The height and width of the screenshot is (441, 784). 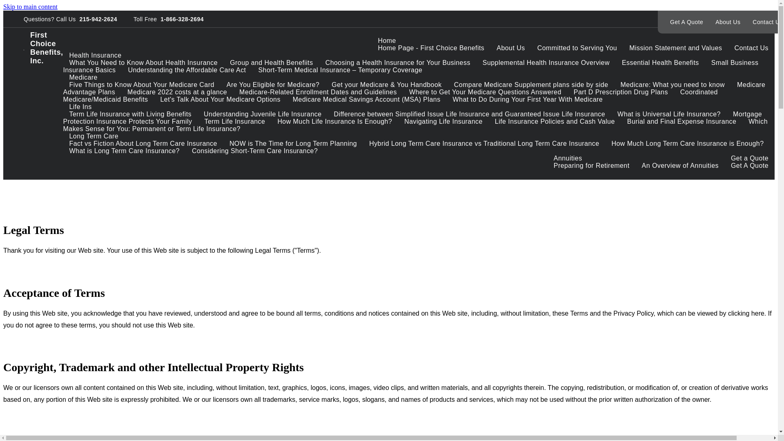 I want to click on 'First Choice Benefits, Inc.', so click(x=43, y=48).